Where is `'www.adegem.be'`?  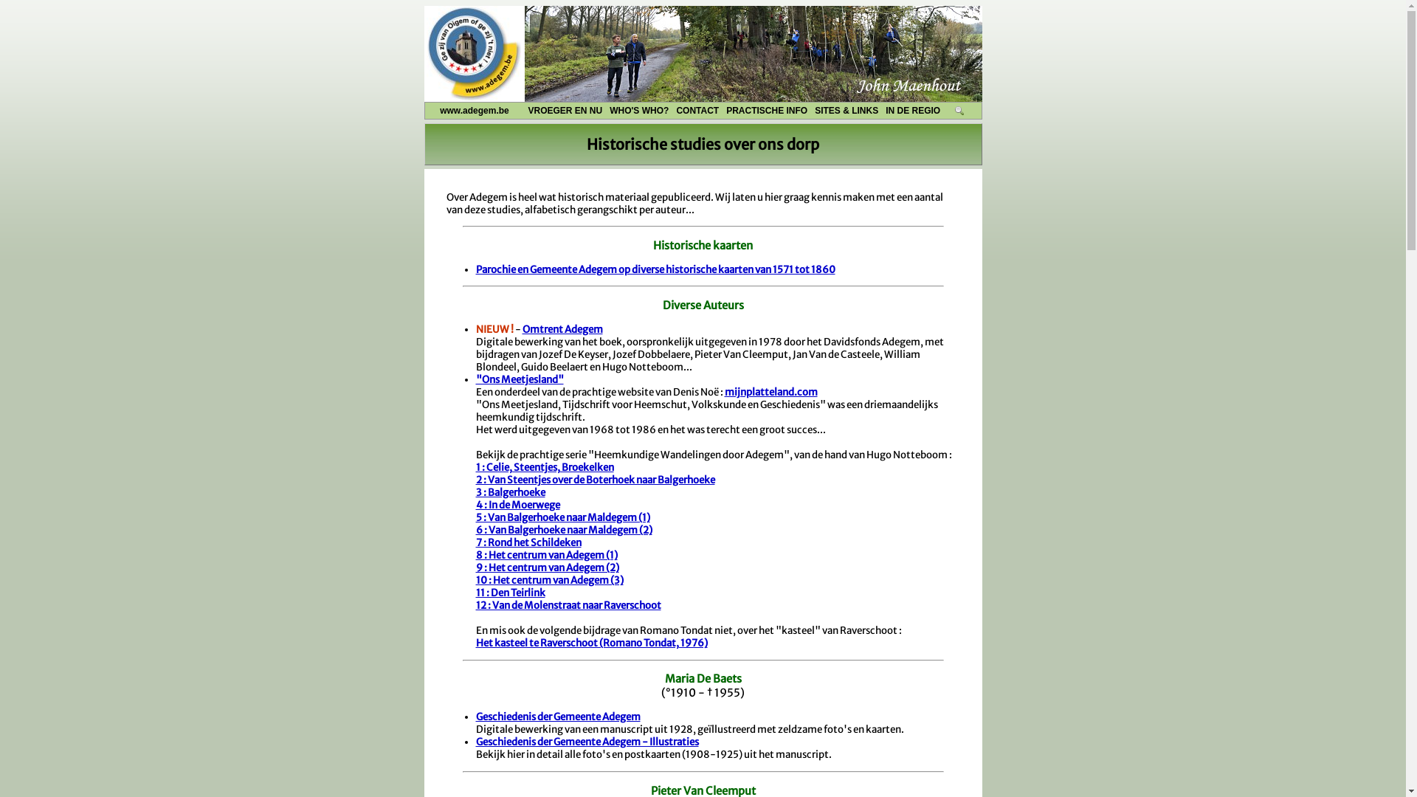 'www.adegem.be' is located at coordinates (424, 110).